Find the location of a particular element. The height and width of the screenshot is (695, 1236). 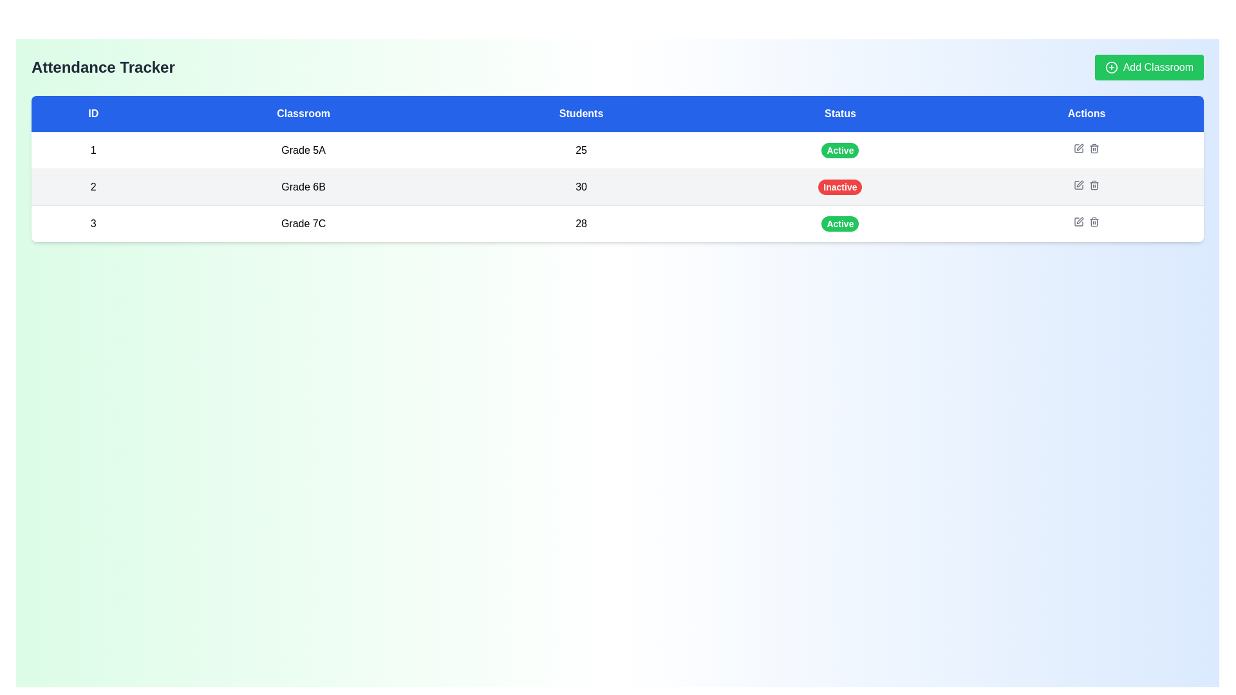

the static text displaying the number of students in the classroom located in the third row of the table under the 'Students' column is located at coordinates (581, 223).